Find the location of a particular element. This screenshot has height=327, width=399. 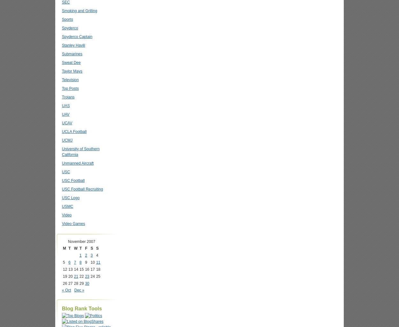

'16' is located at coordinates (87, 269).